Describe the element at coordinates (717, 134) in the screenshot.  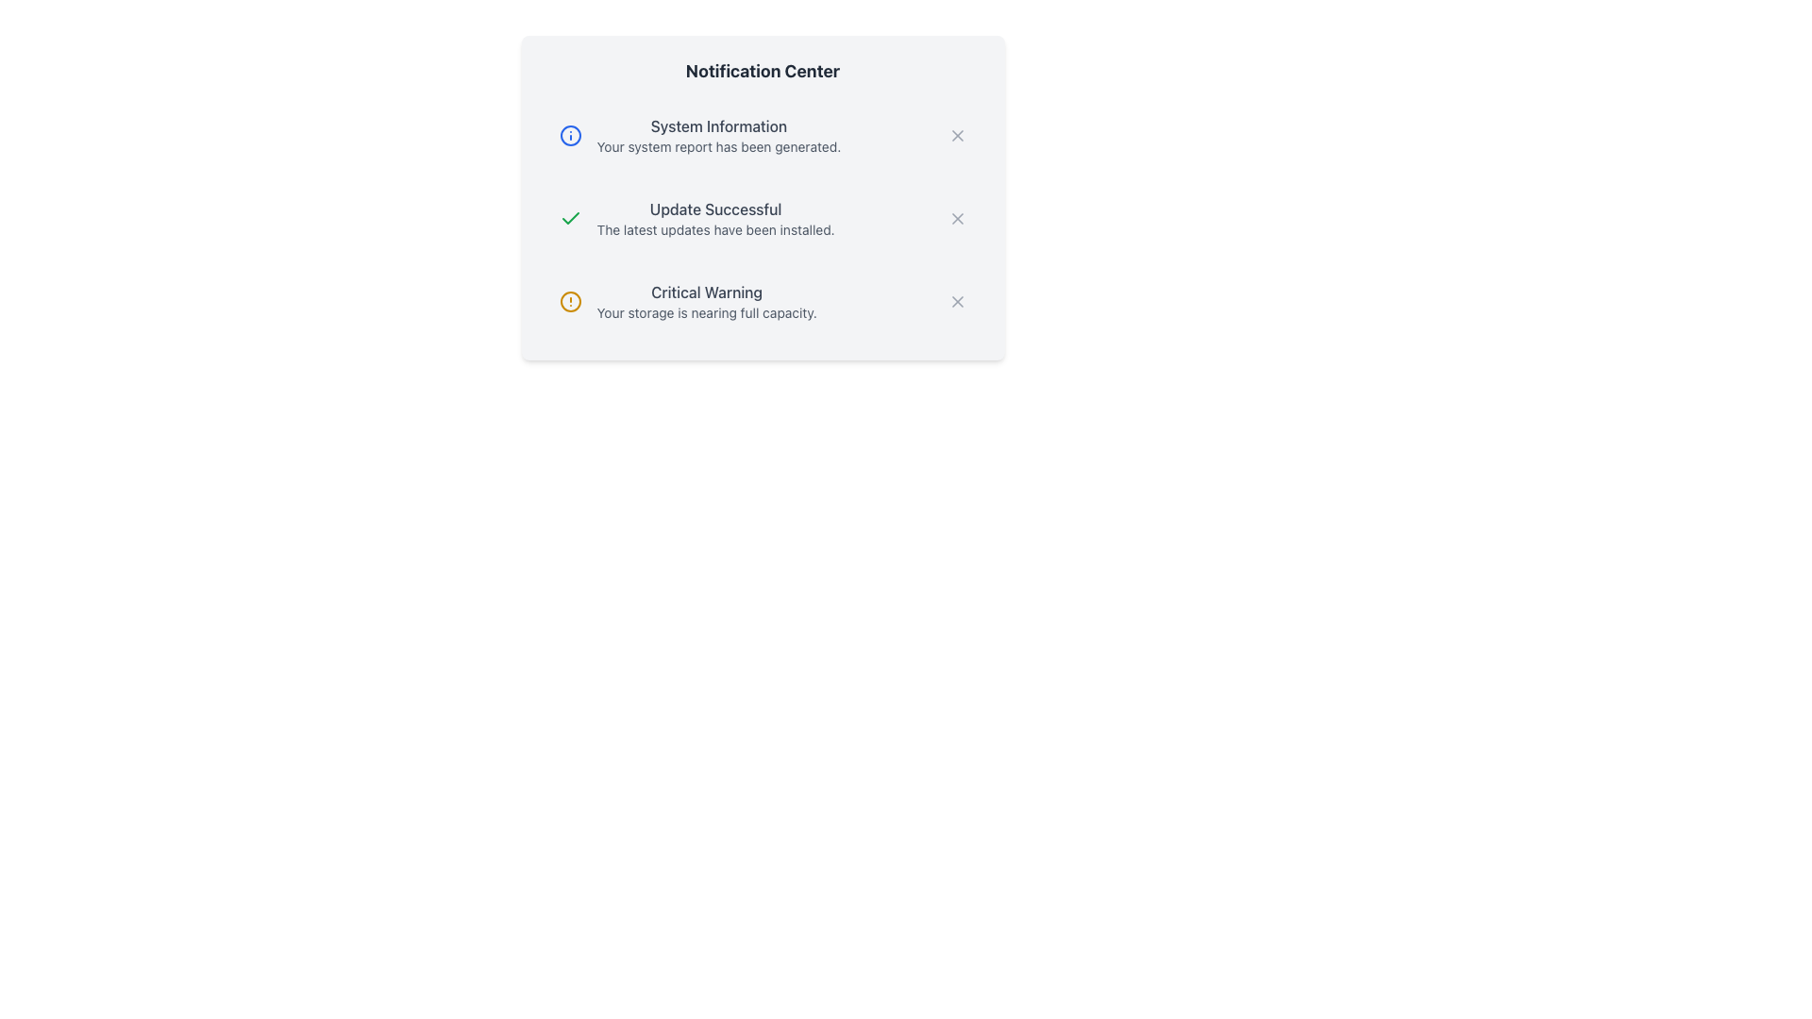
I see `descriptive text of the Text block containing the title and subtitle that informs the user about the successful generation of a system report, located near the top-left corner of the notification box in the Notification Center` at that location.